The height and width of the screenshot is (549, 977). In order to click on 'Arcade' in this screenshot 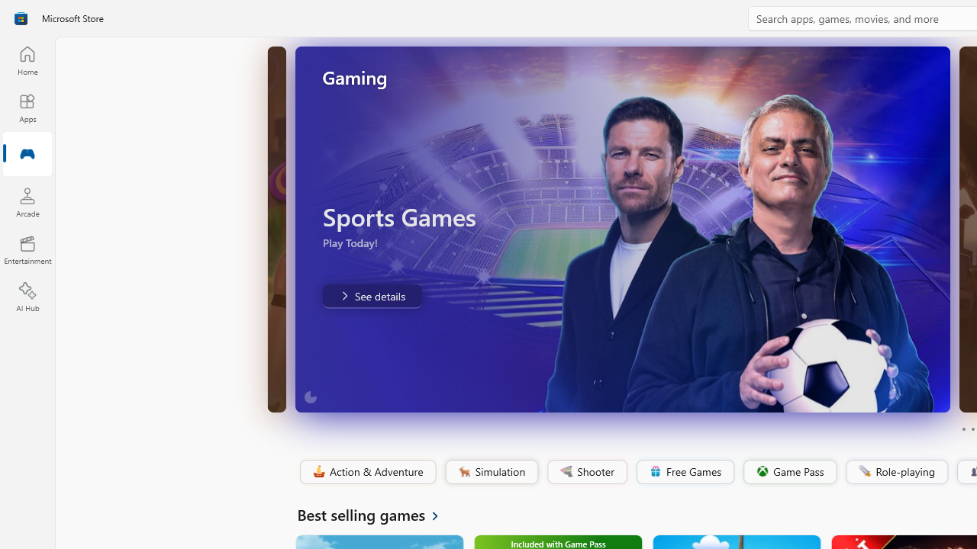, I will do `click(27, 201)`.